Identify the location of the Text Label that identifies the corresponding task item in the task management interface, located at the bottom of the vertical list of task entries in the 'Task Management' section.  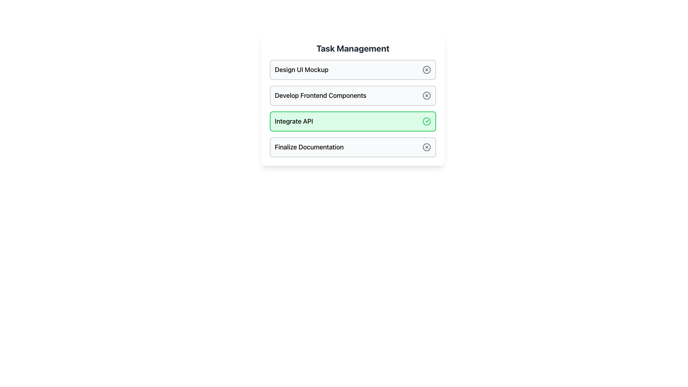
(309, 147).